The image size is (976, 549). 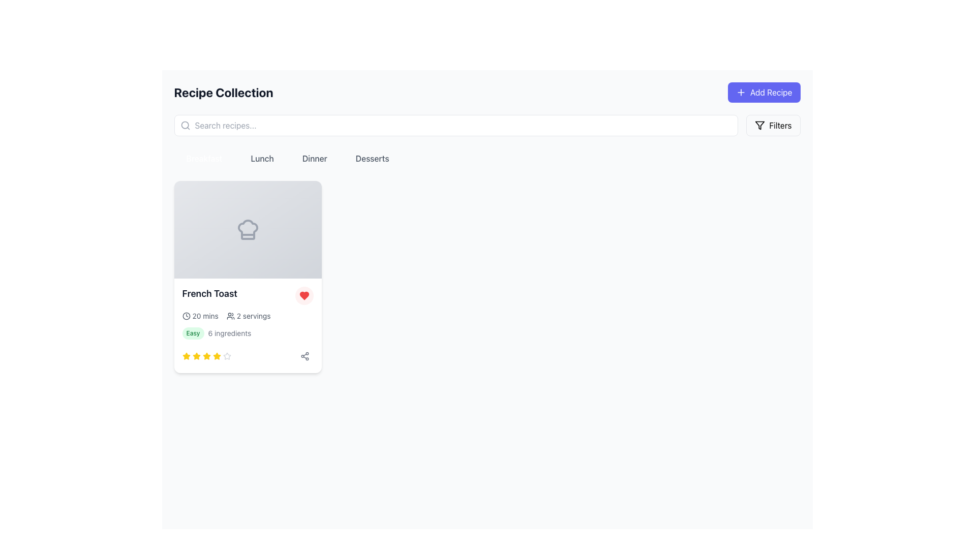 I want to click on the Text label (header) which serves as the page heading indicating the content related to recipes, positioned at the top-left of the interface, so click(x=223, y=92).